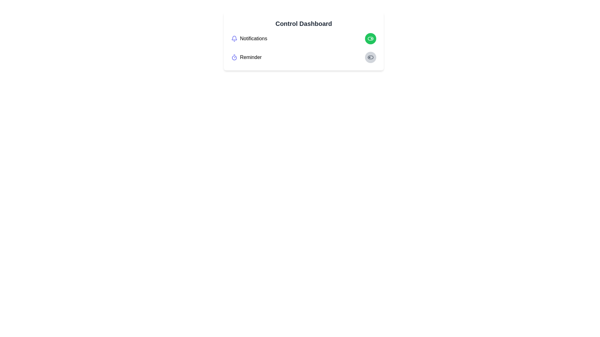  What do you see at coordinates (246, 57) in the screenshot?
I see `the 'Reminder' text and timer icon element located in the second row of the 'Control Dashboard', positioned below 'Notifications', for keyboard interaction` at bounding box center [246, 57].